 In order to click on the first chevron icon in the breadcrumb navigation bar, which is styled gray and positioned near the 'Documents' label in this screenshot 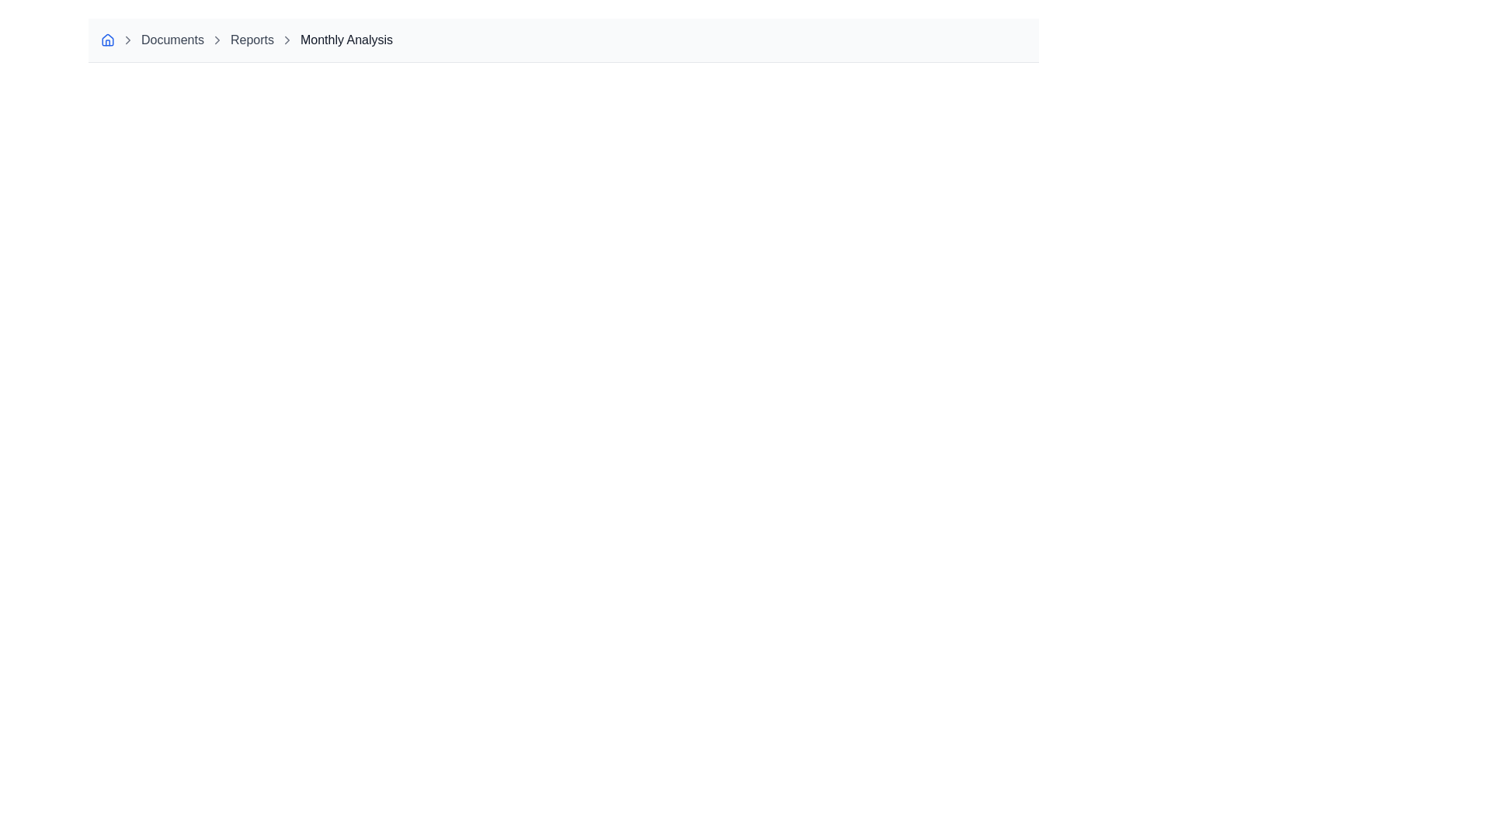, I will do `click(127, 39)`.